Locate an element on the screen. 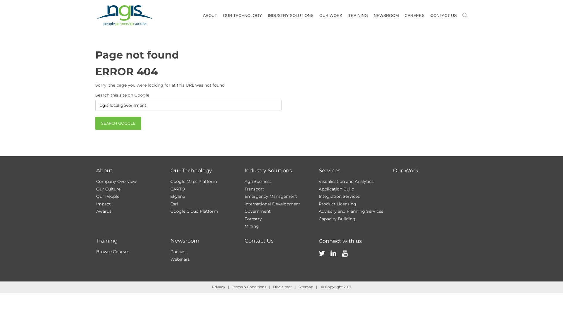 The height and width of the screenshot is (316, 563). 'Integration Services' is located at coordinates (339, 196).